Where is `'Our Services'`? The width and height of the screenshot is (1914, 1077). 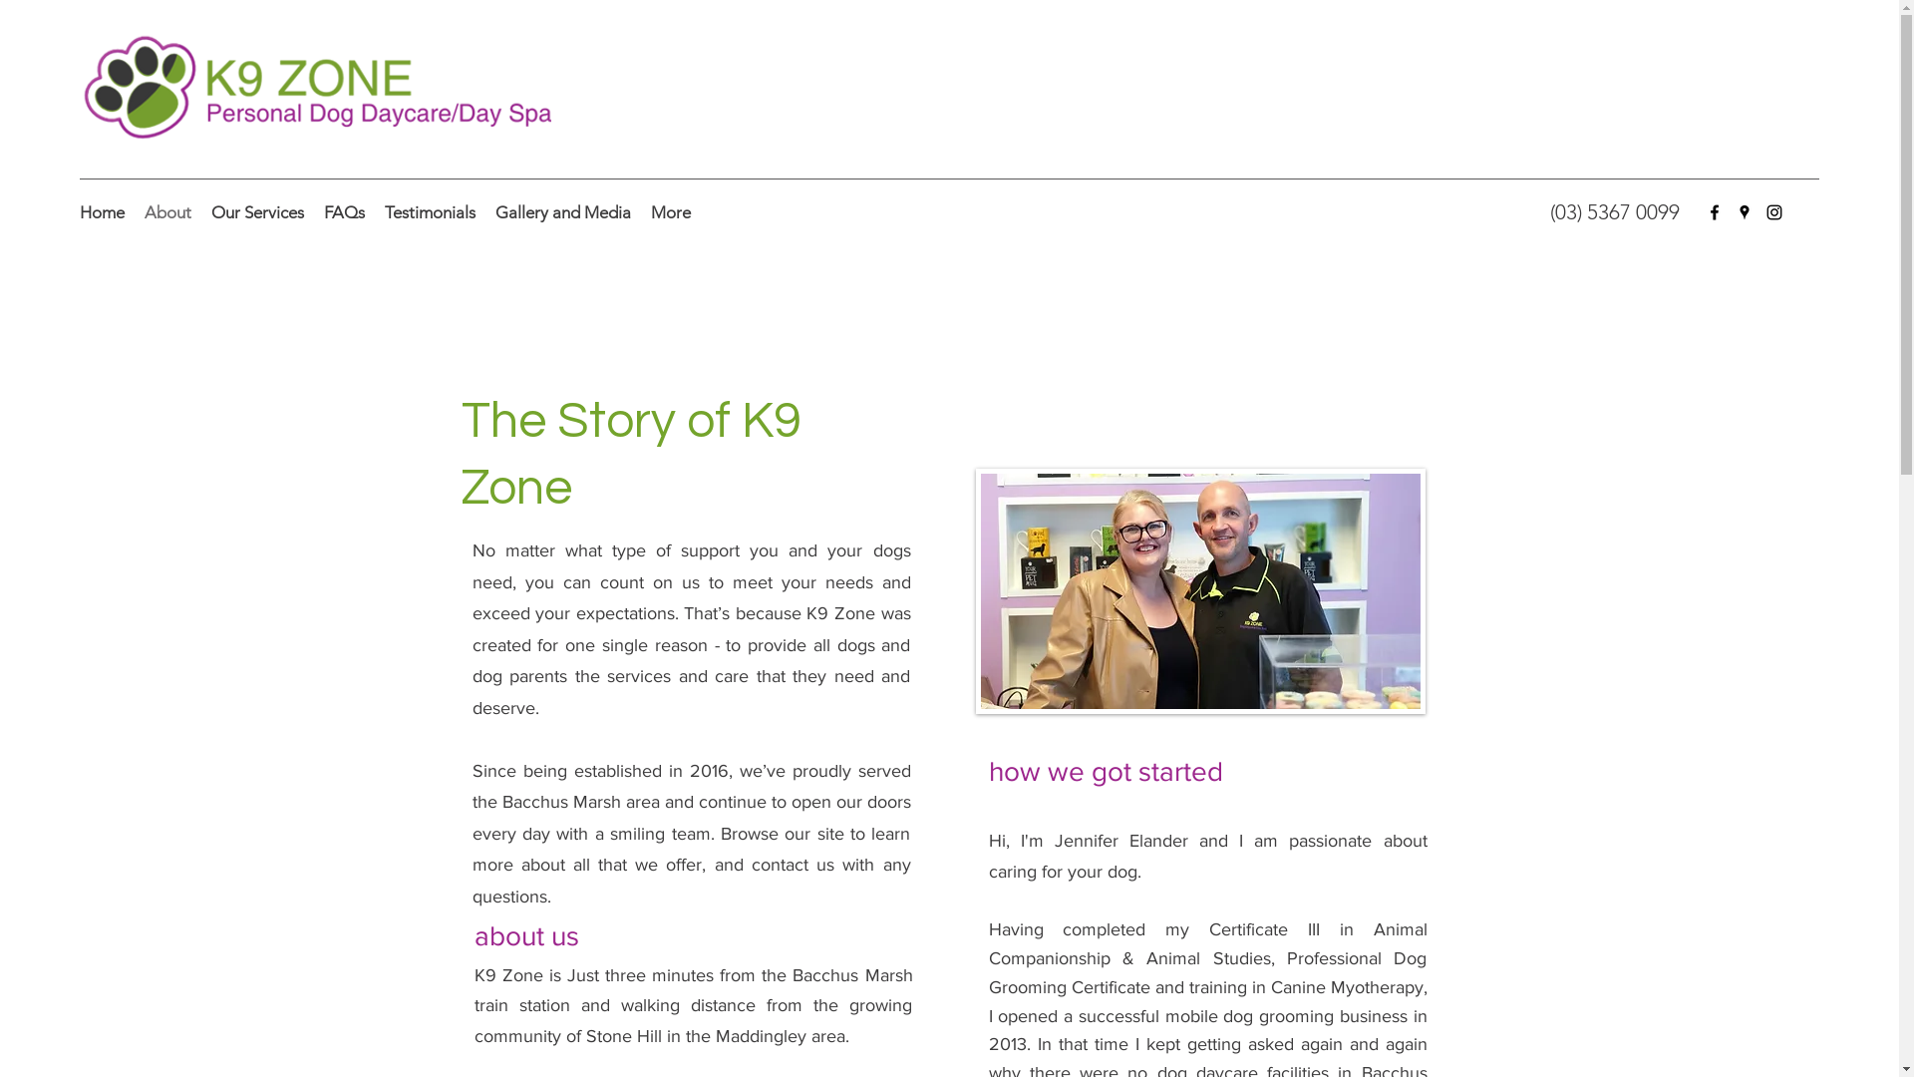 'Our Services' is located at coordinates (256, 211).